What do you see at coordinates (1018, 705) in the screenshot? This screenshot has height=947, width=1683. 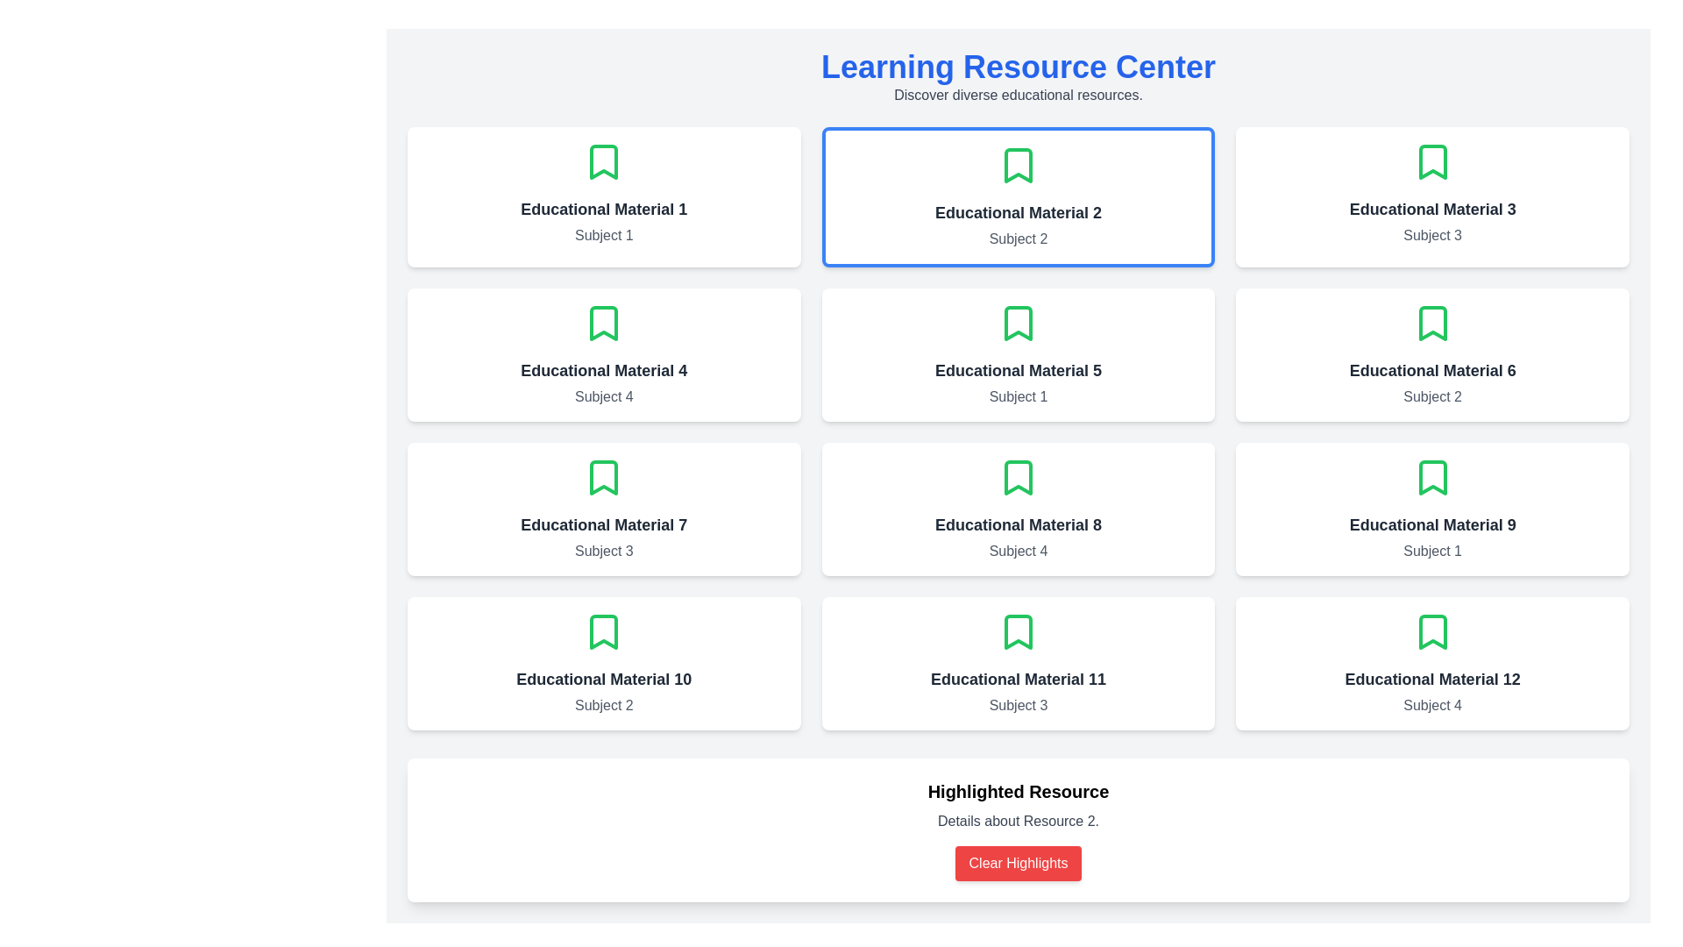 I see `the text label 'Subject 3' which is styled in gray, centrally aligned, and located below the title 'Educational Material 11' in the card-like component` at bounding box center [1018, 705].